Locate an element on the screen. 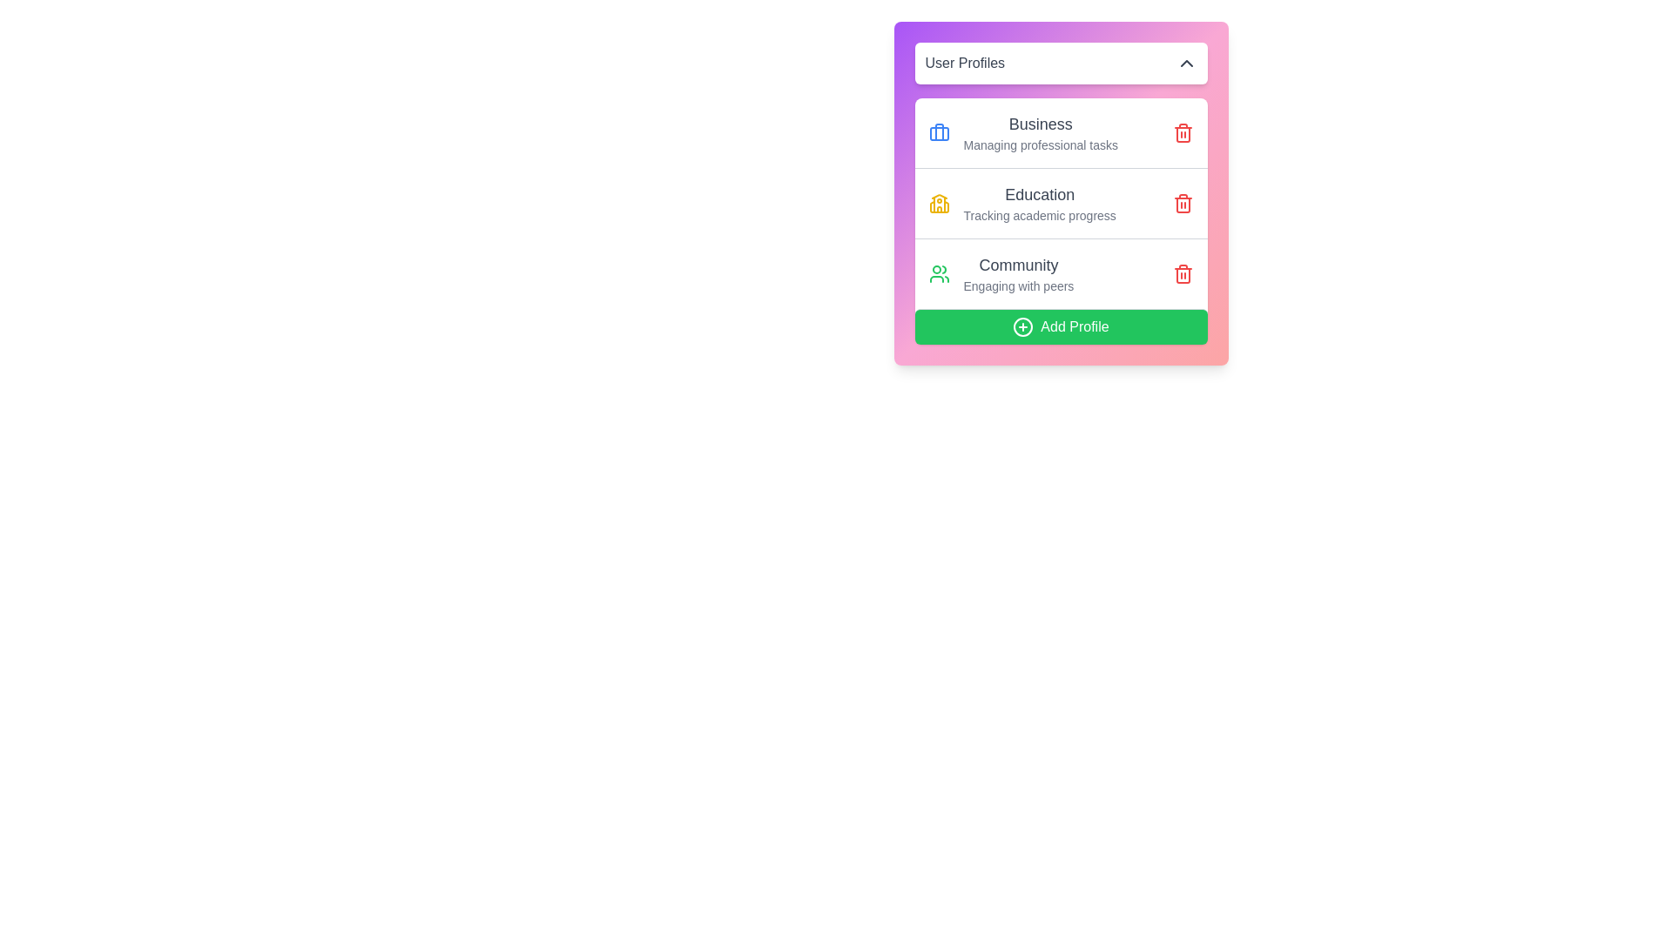  the schoolhouse icon in the second list item labeled 'Education' is located at coordinates (1022, 203).